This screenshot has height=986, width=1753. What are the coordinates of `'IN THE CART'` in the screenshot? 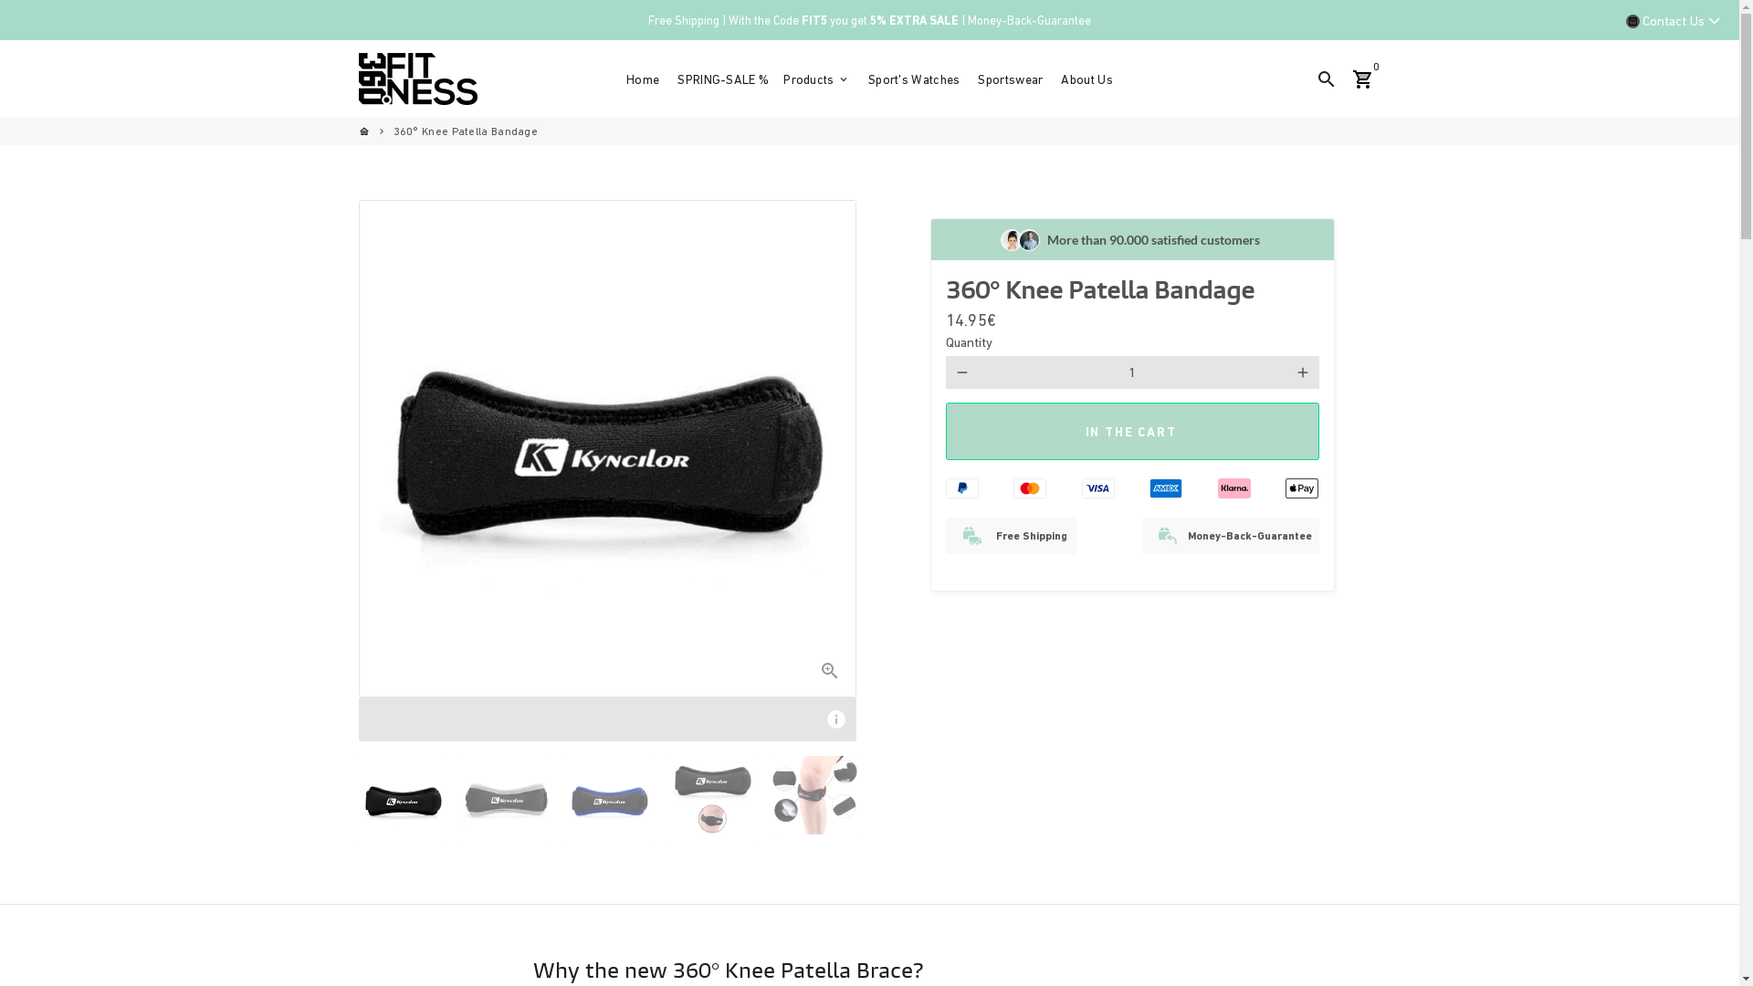 It's located at (1131, 431).